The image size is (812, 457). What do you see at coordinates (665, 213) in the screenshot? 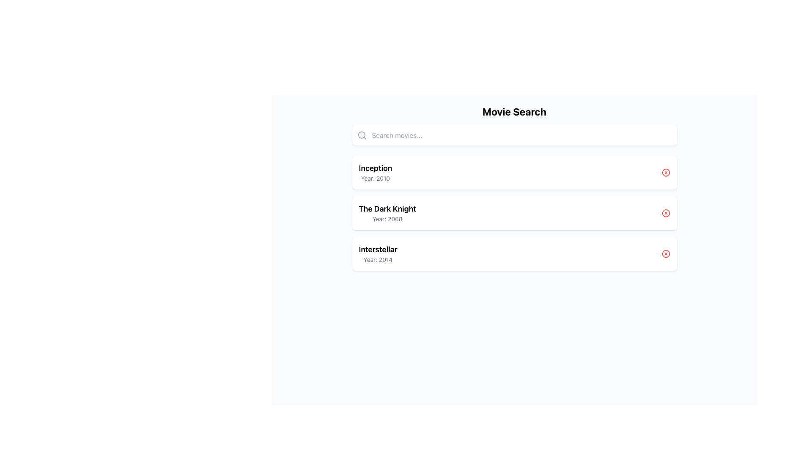
I see `the SVG Circle element that is part of the delete icon for the second movie entry, 'The Dark Knight, Year: 2008', positioned at the right end of the list entry` at bounding box center [665, 213].